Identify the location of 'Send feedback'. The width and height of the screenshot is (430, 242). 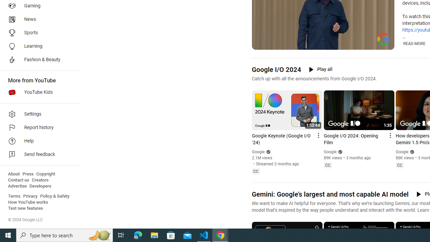
(38, 155).